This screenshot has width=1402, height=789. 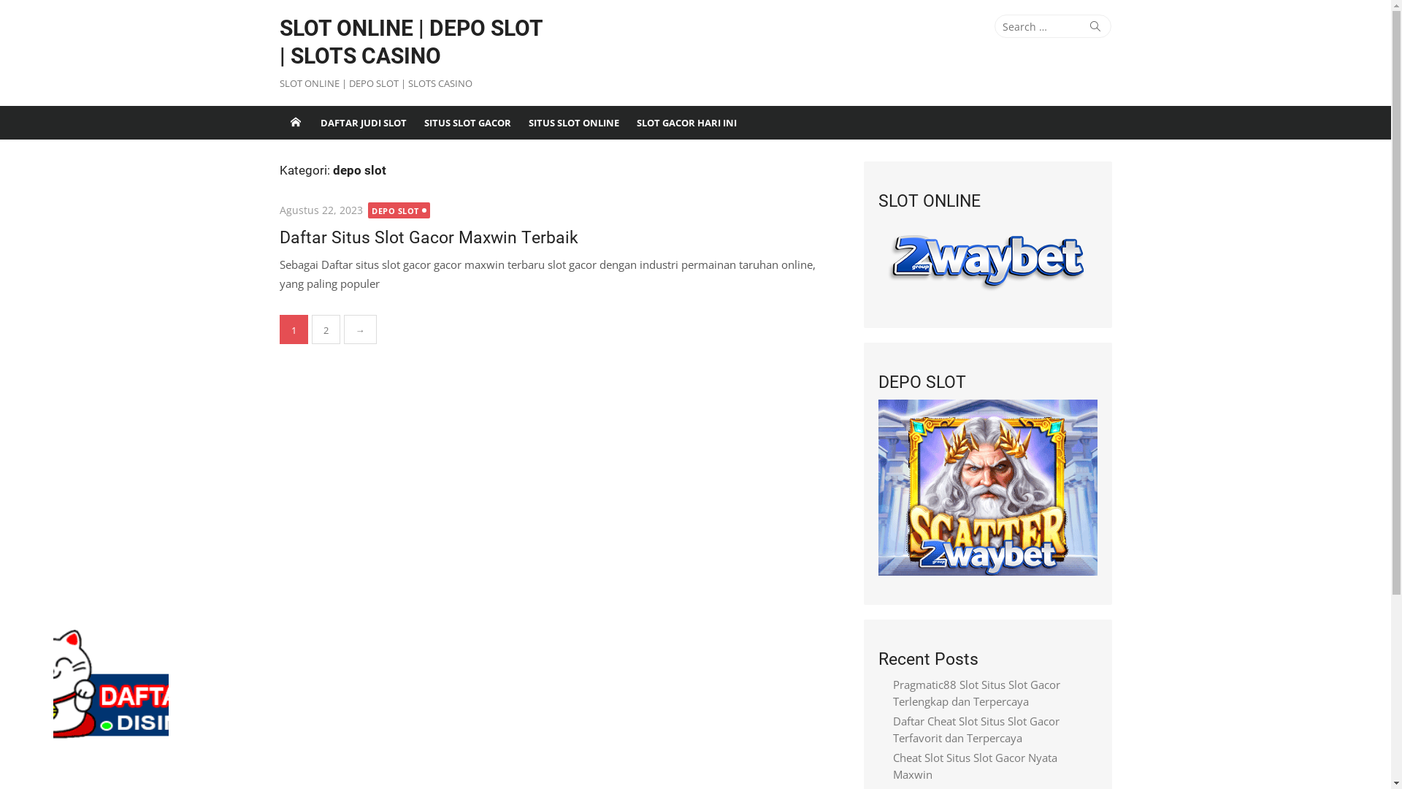 What do you see at coordinates (412, 41) in the screenshot?
I see `'SLOT ONLINE | DEPO SLOT | SLOTS CASINO'` at bounding box center [412, 41].